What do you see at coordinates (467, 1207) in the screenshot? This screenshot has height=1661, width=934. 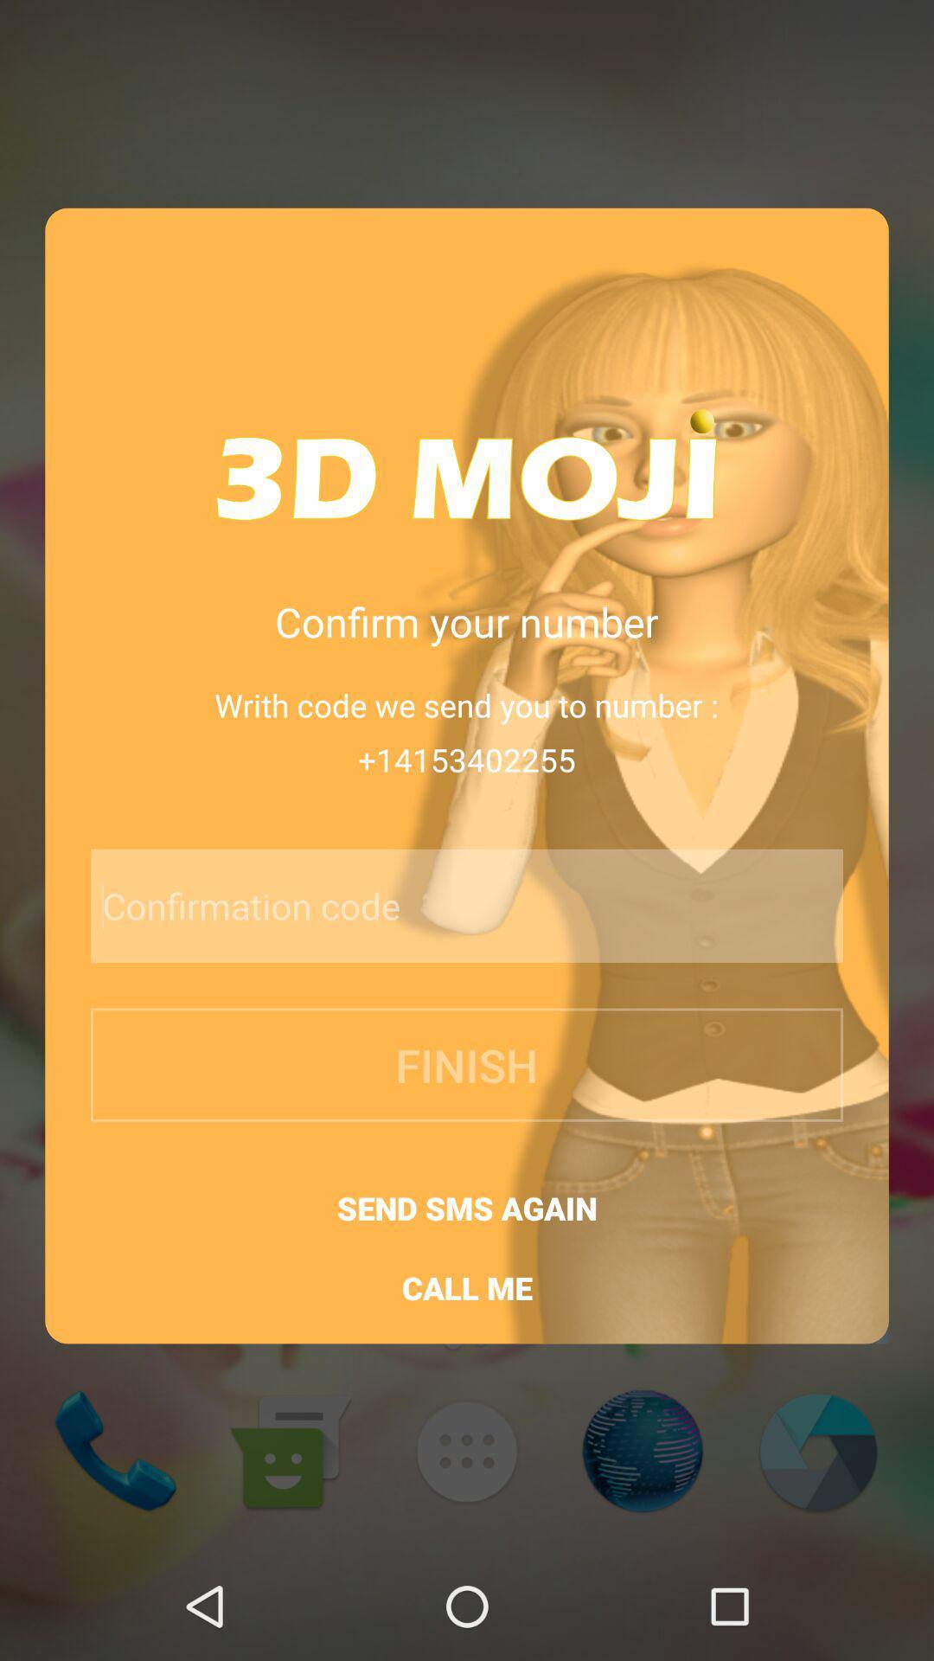 I see `the button below the finish` at bounding box center [467, 1207].